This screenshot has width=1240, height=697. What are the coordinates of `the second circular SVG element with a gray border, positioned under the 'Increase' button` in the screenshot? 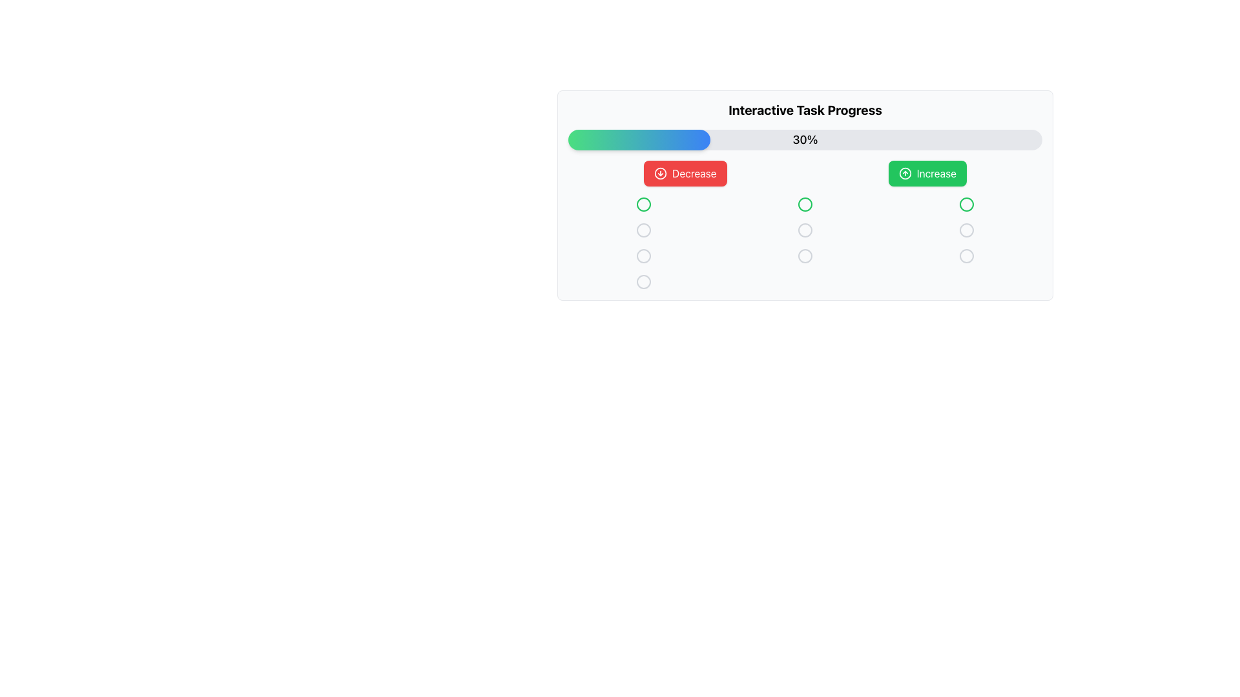 It's located at (967, 230).